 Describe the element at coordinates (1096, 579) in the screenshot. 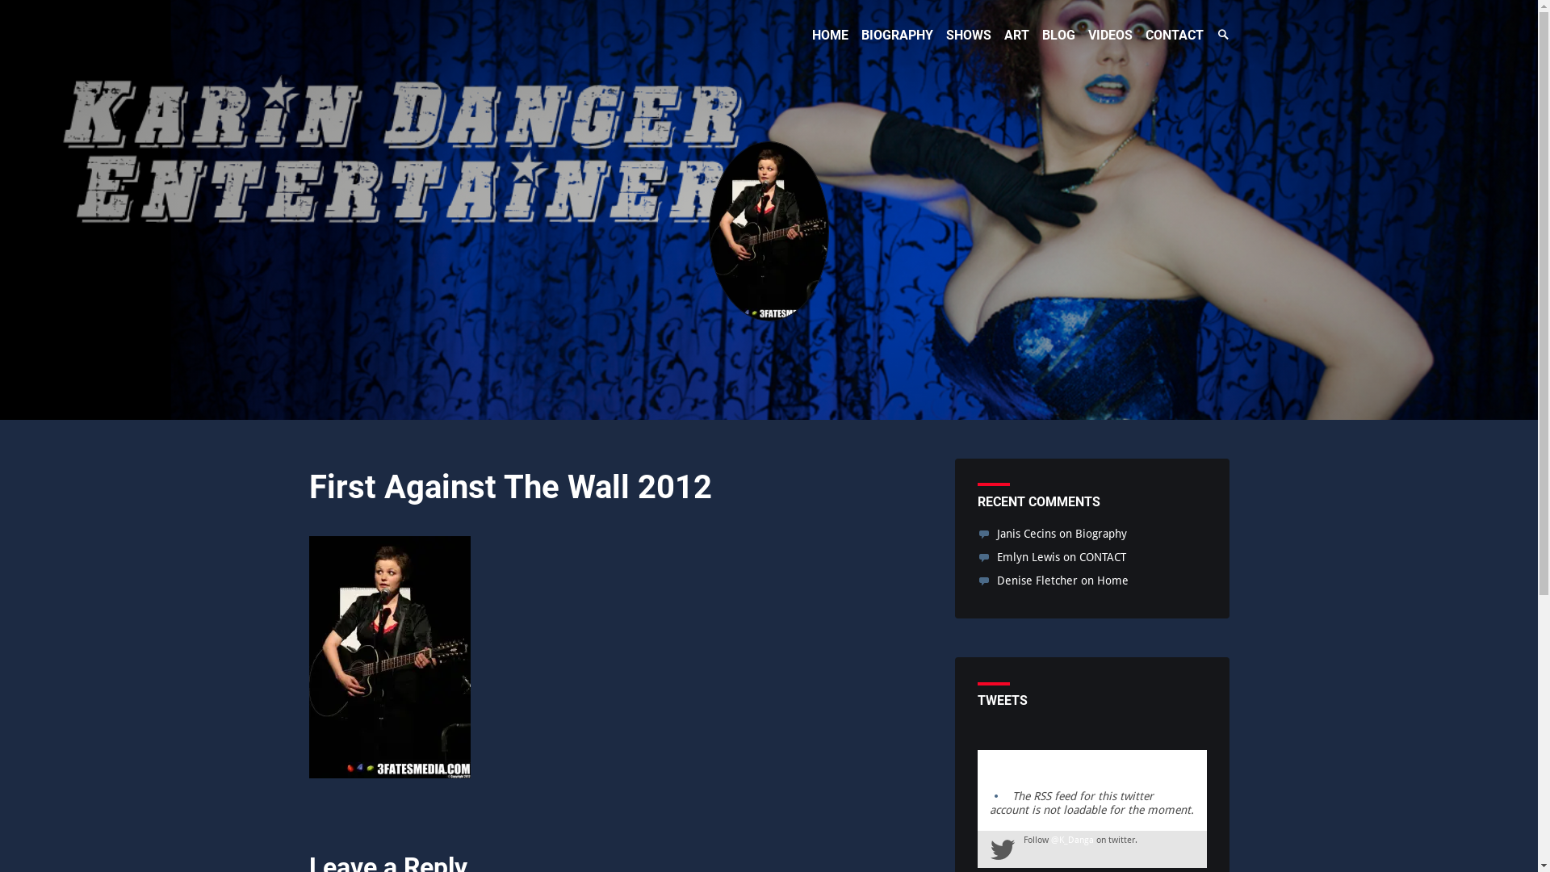

I see `'Home'` at that location.